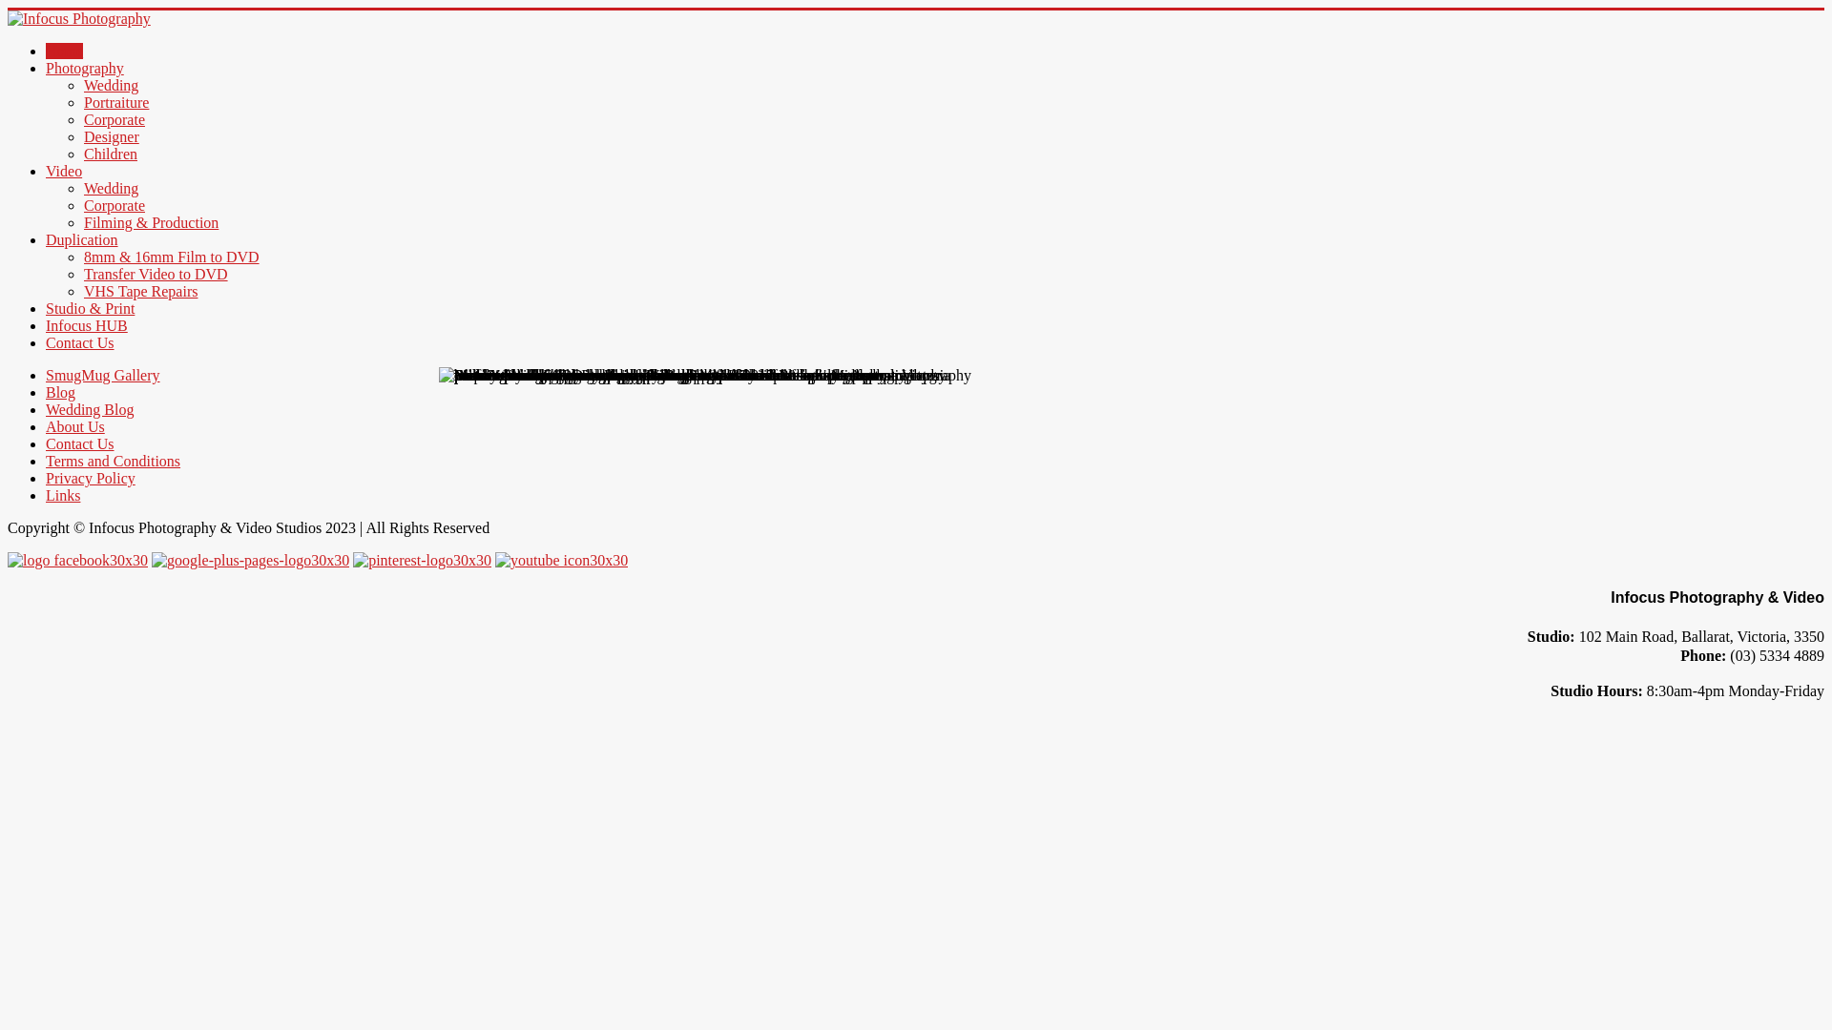  What do you see at coordinates (60, 391) in the screenshot?
I see `'Blog'` at bounding box center [60, 391].